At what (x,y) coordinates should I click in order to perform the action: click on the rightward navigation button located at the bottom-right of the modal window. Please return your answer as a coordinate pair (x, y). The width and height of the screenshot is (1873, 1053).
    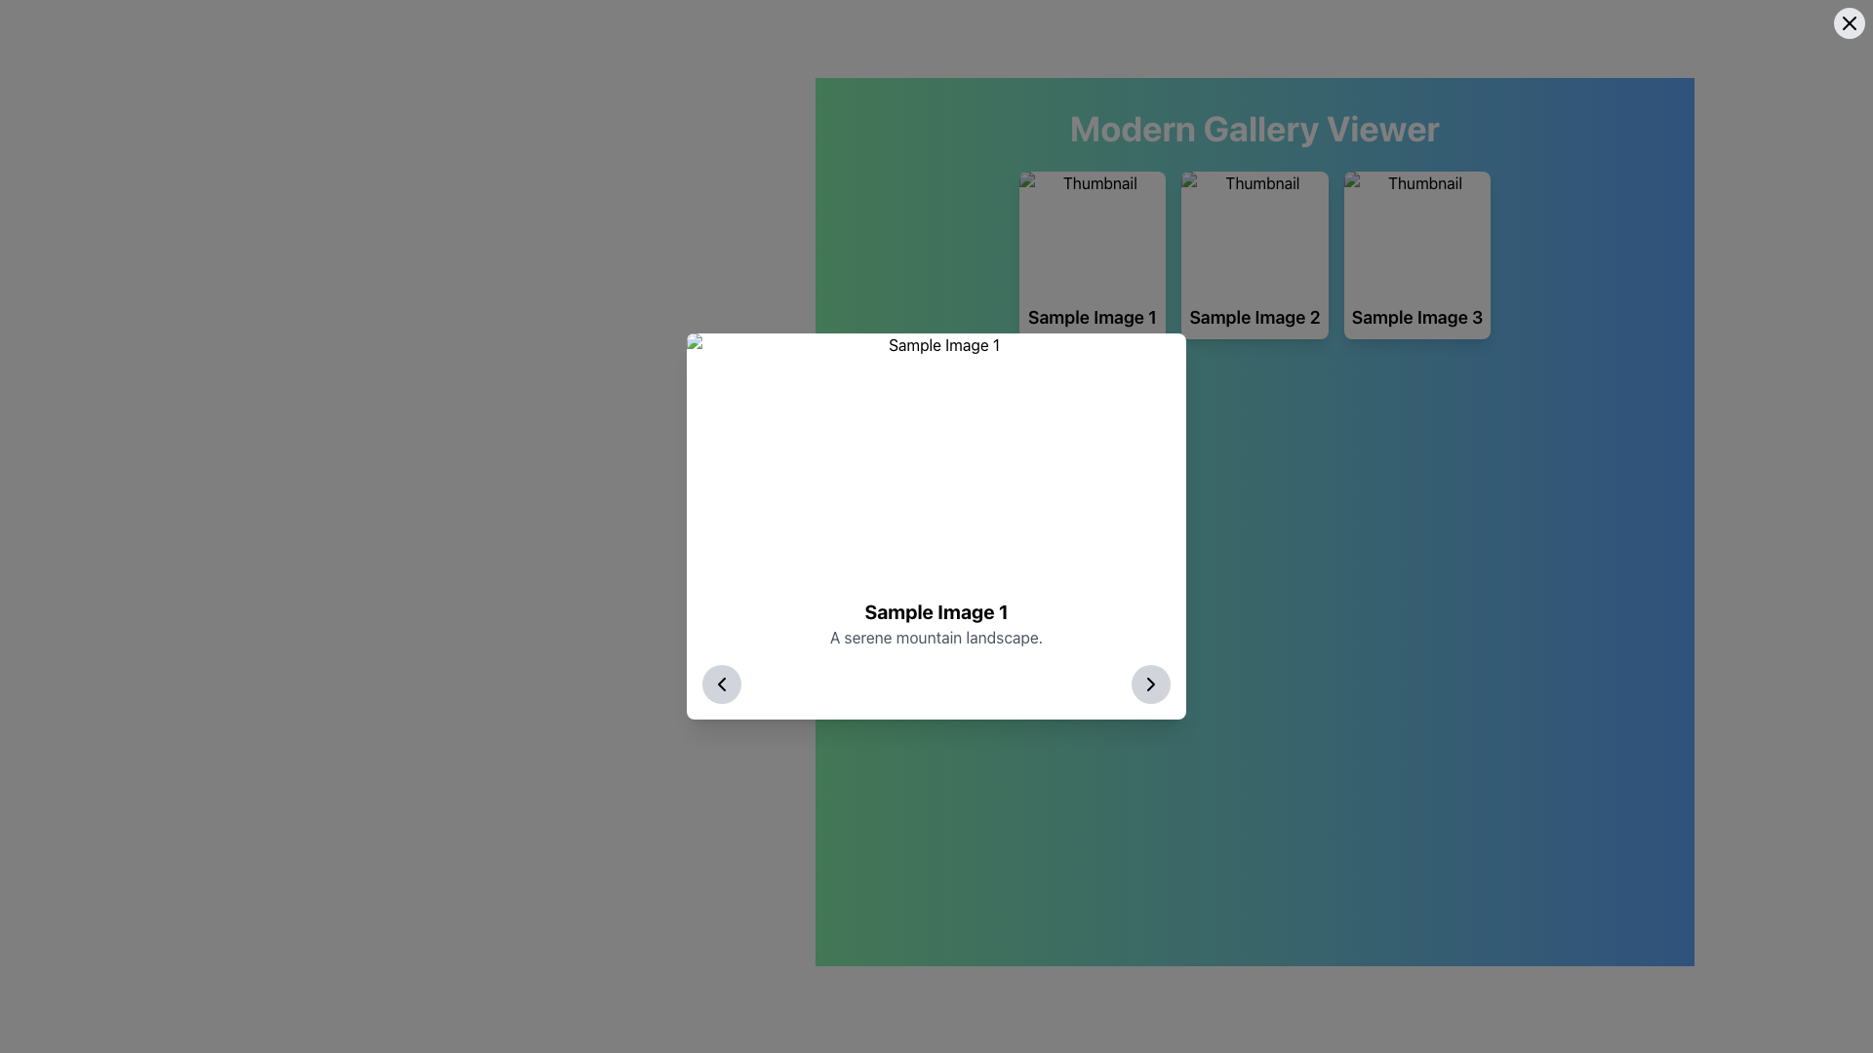
    Looking at the image, I should click on (1151, 683).